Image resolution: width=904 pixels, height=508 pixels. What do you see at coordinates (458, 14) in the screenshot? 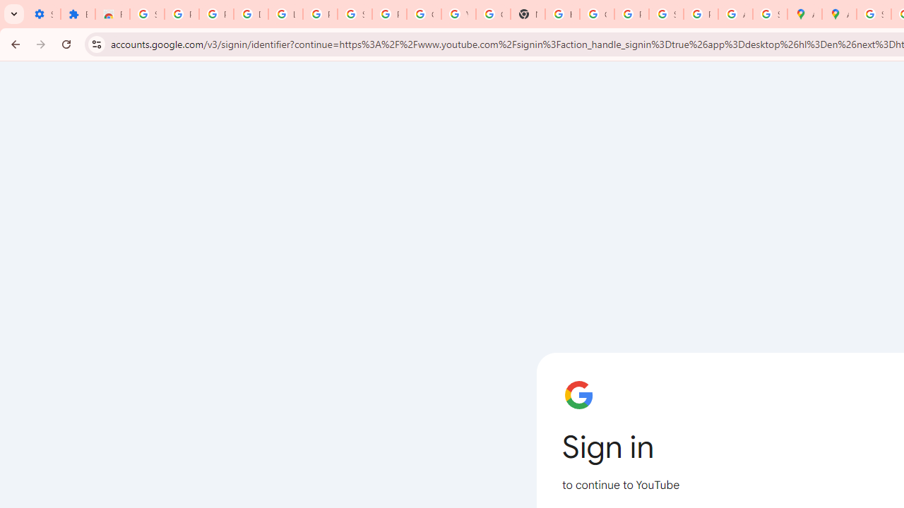
I see `'YouTube'` at bounding box center [458, 14].